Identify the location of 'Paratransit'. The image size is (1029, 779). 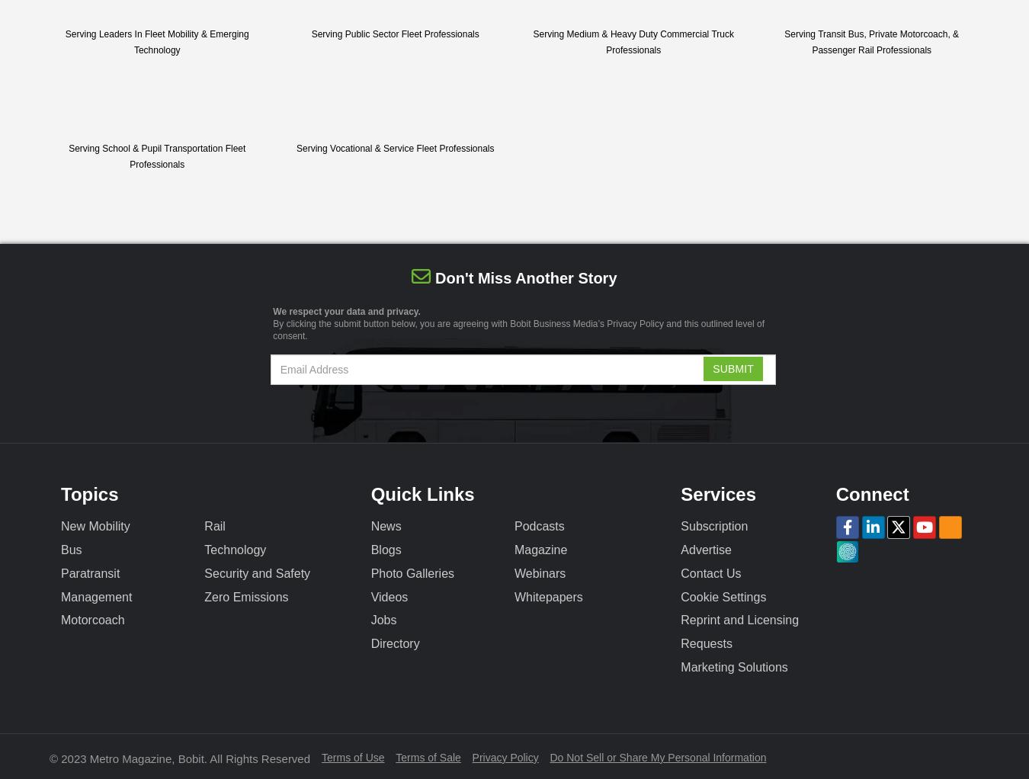
(90, 572).